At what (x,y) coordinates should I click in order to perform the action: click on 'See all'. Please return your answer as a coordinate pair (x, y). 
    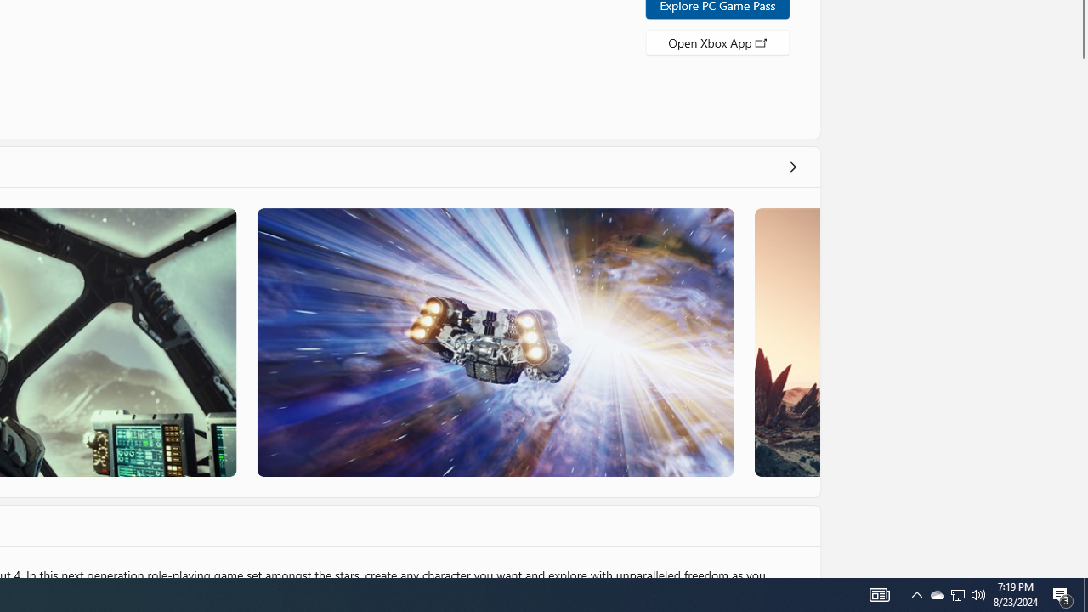
    Looking at the image, I should click on (791, 166).